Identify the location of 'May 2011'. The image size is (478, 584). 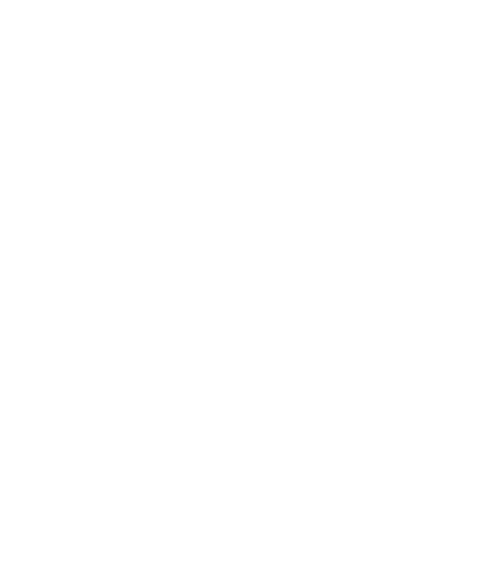
(69, 559).